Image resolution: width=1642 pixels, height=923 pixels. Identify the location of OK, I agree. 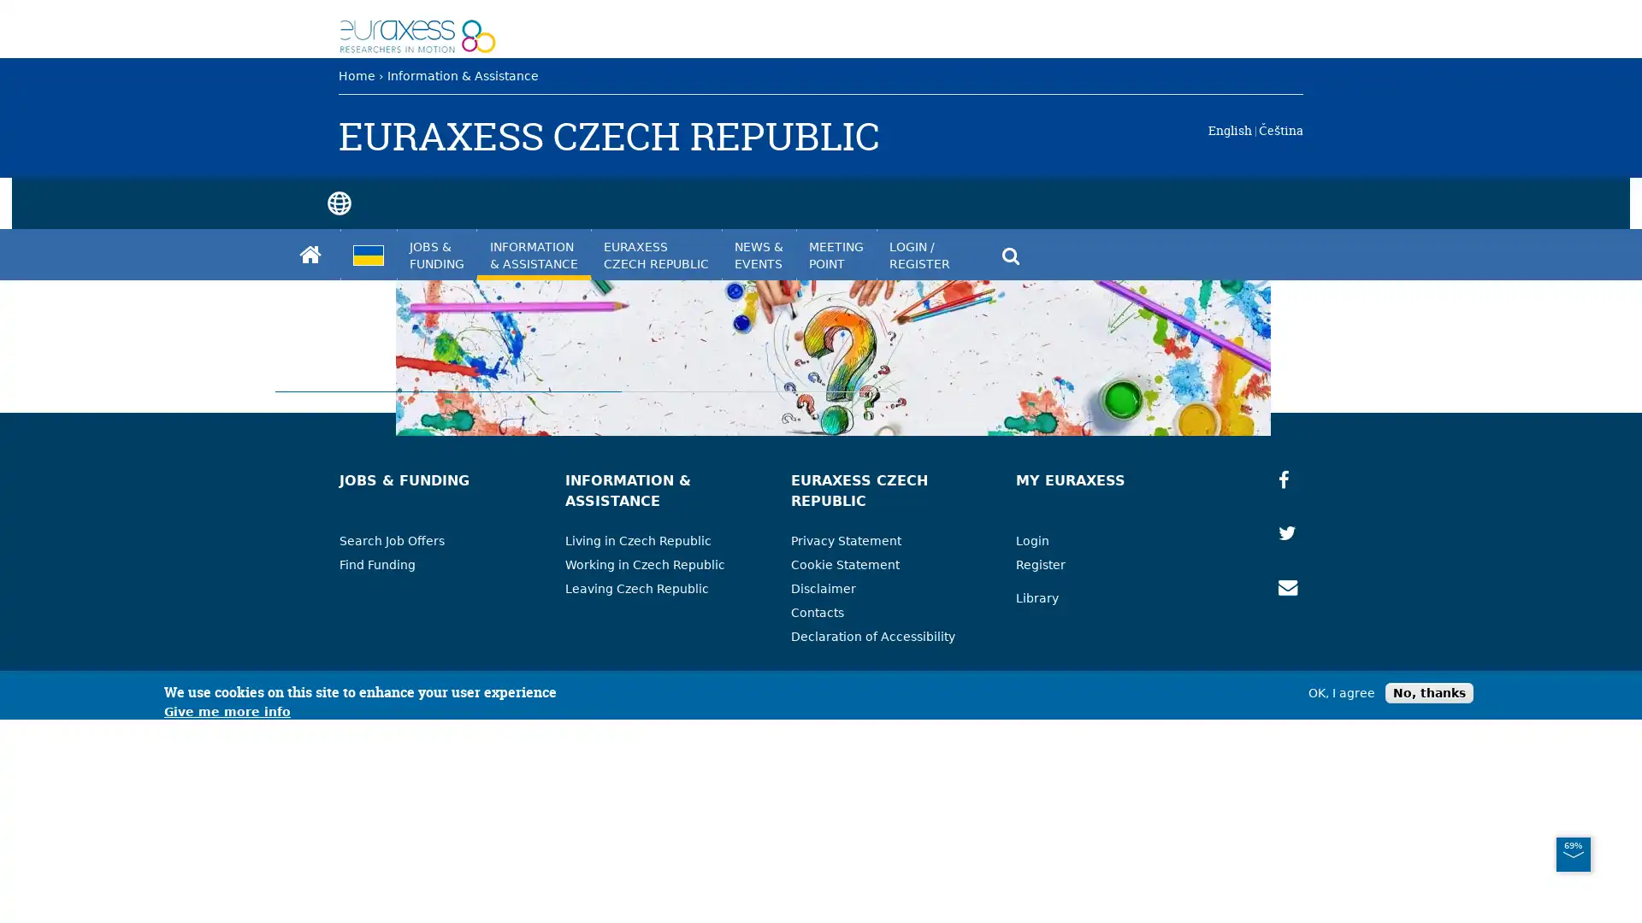
(1341, 895).